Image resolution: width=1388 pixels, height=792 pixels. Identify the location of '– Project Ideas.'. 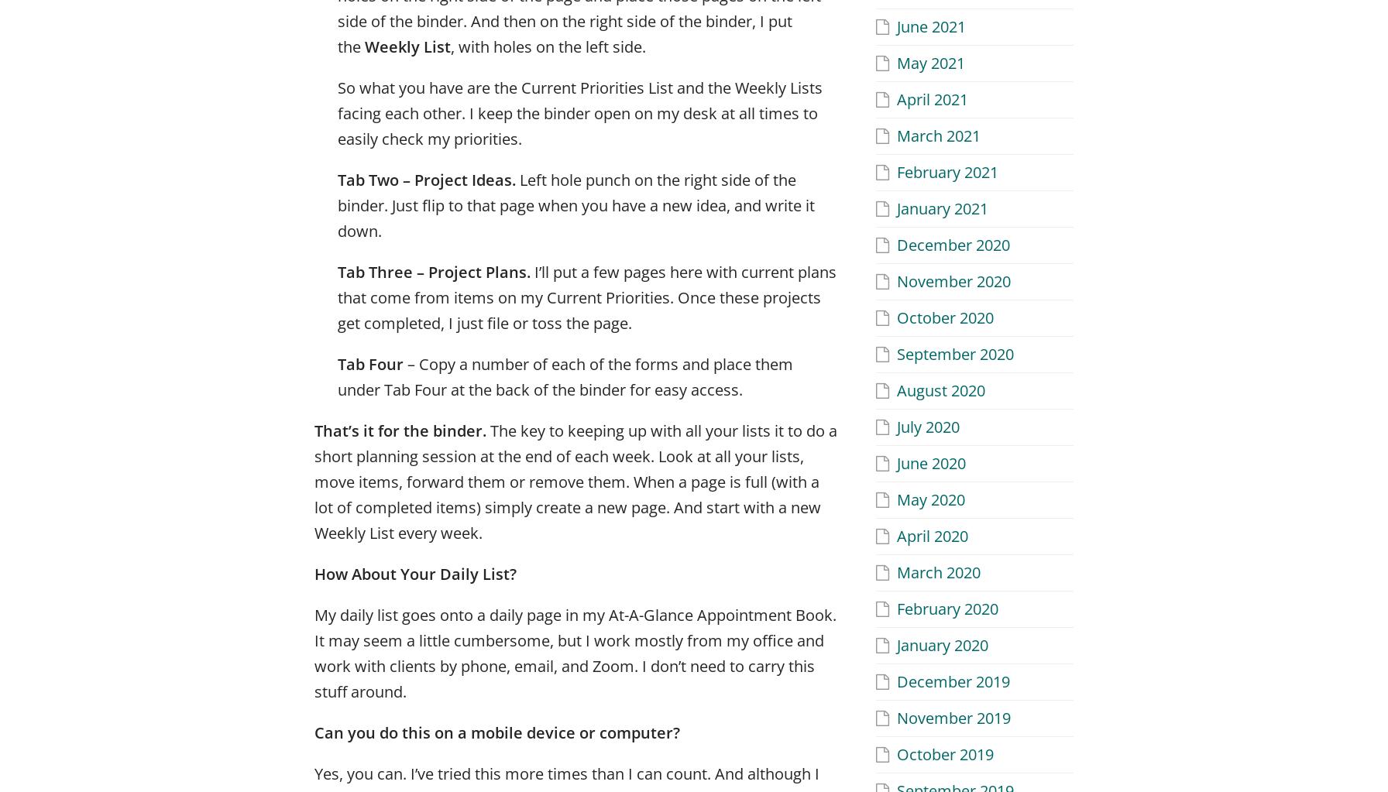
(403, 178).